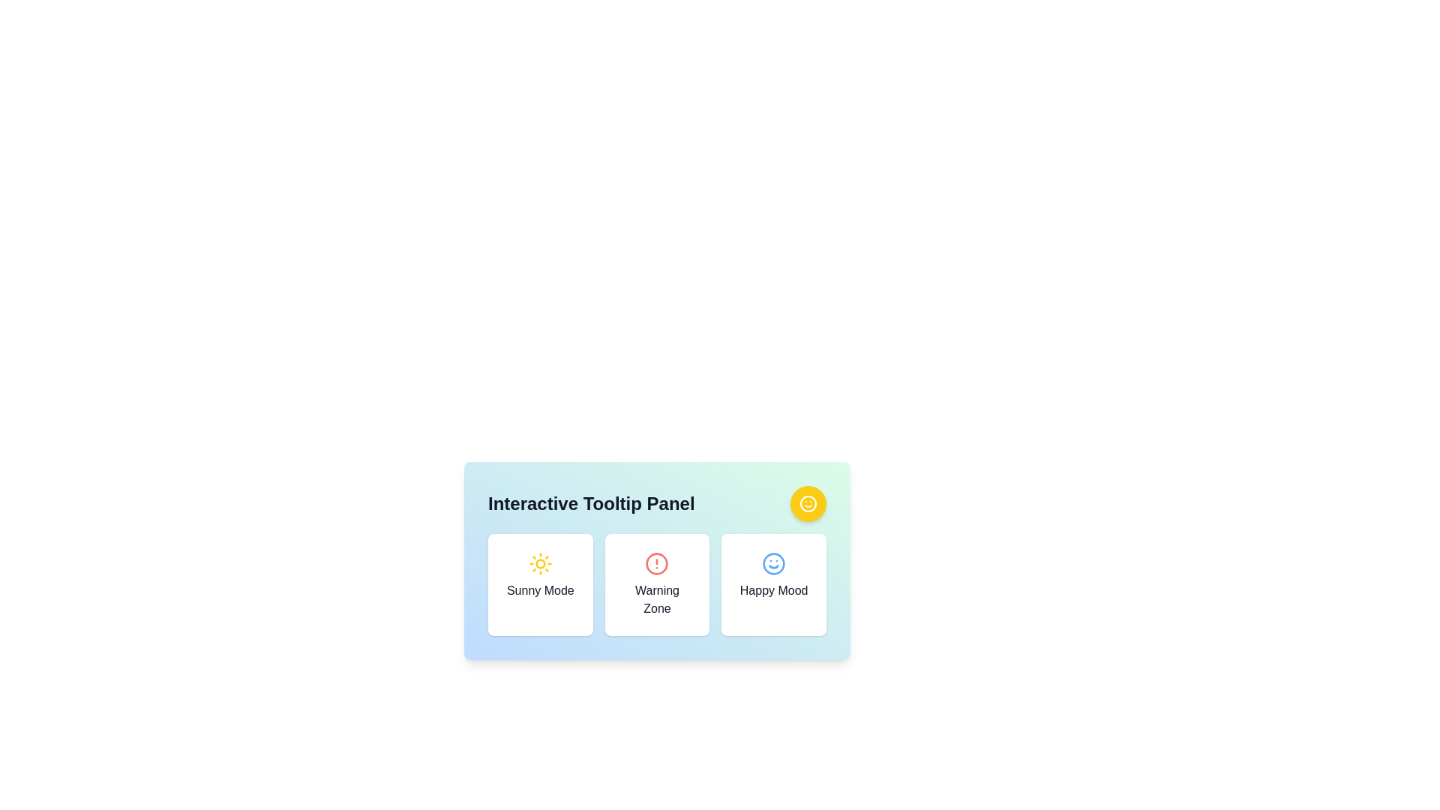 This screenshot has height=810, width=1440. I want to click on the 'Interactive Tooltip Panel' which contains a title and three cards labeled 'Sunny Mode', 'Warning Zone', and 'Happy Mood', so click(657, 561).